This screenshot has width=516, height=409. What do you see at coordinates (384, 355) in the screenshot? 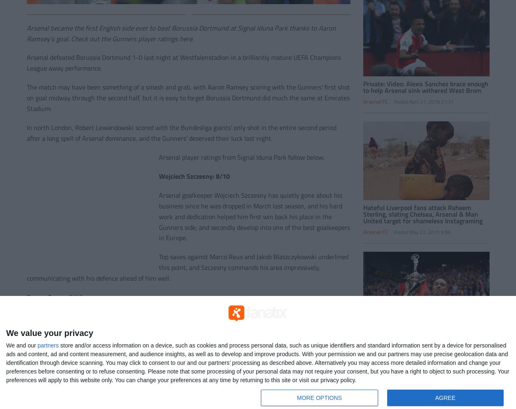
I see `'AFC Bournemouth'` at bounding box center [384, 355].